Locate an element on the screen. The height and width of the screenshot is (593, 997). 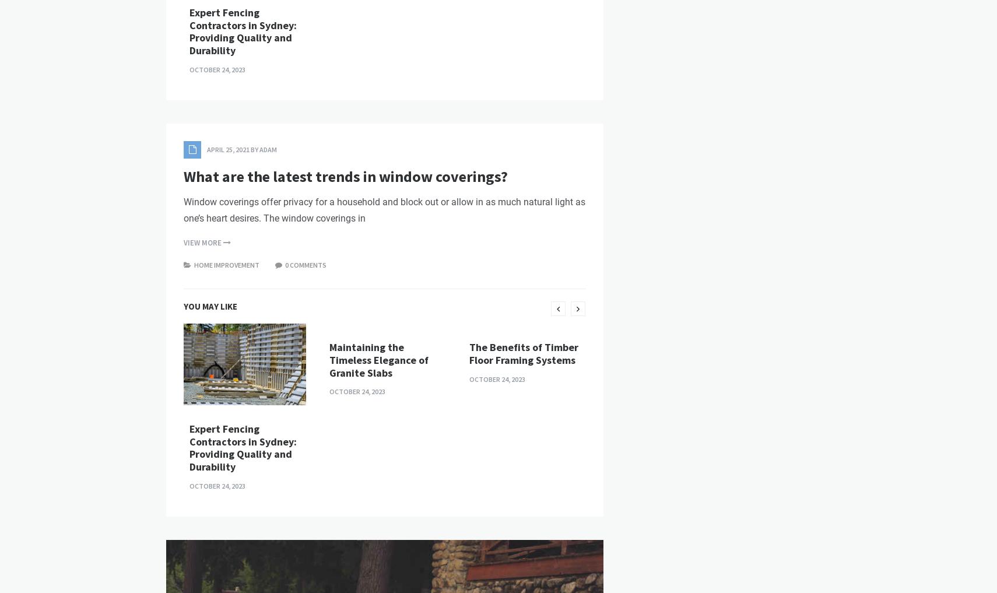
'by' is located at coordinates (254, 348).